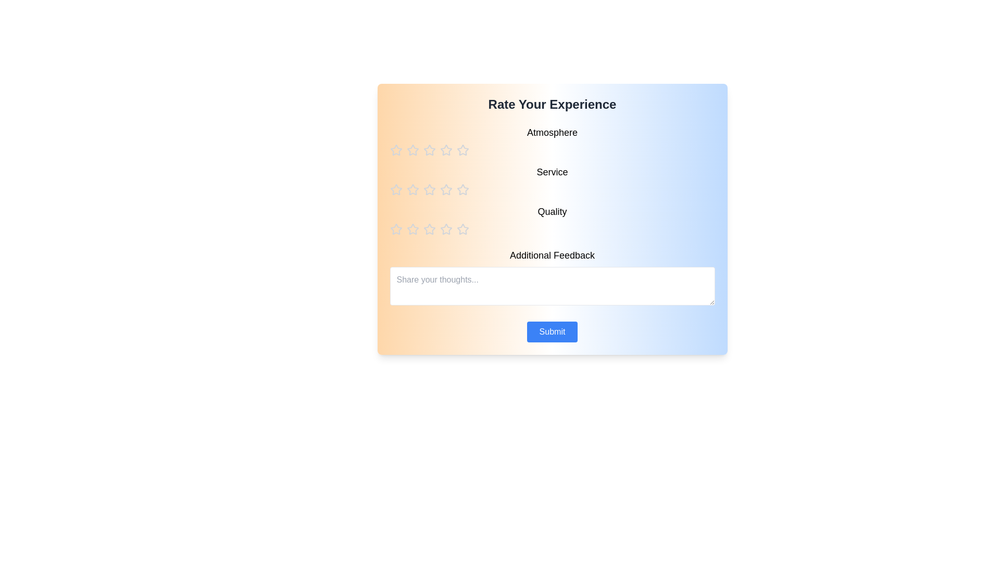  I want to click on the star corresponding to the rating 2 for the category service, so click(412, 190).